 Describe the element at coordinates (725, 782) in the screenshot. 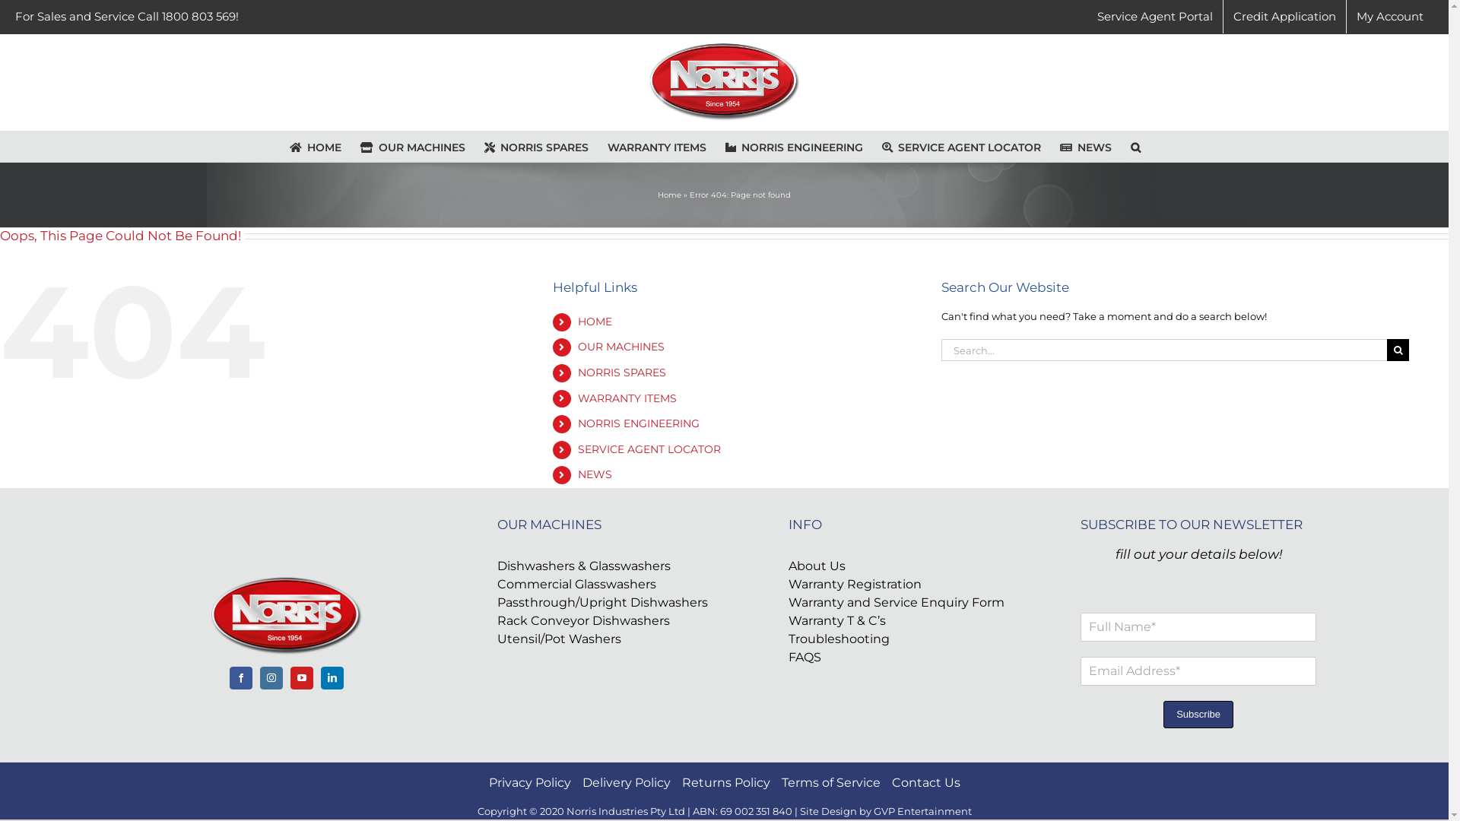

I see `'Returns Policy'` at that location.